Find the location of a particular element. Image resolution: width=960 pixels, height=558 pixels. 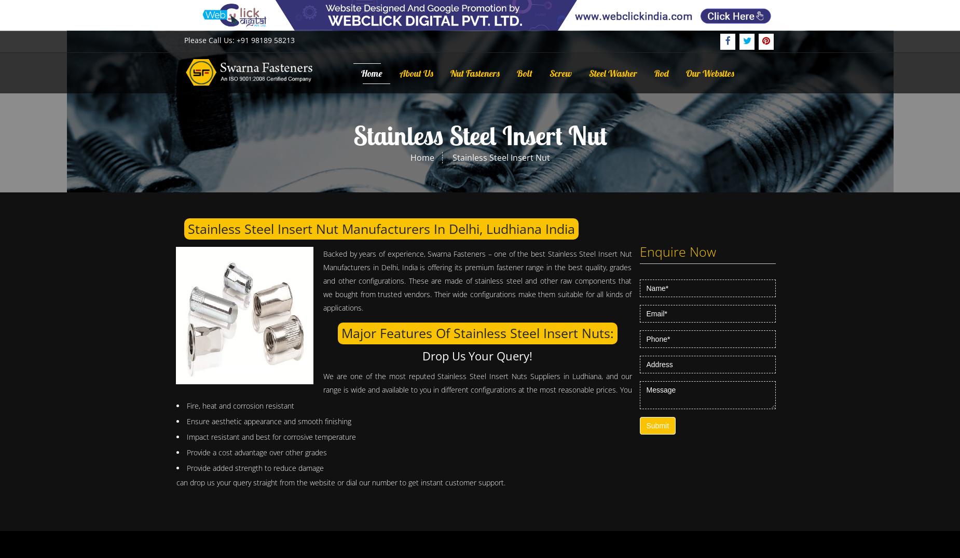

'Backed by years of experience, Swarna Fasteners – one of the best Stainless Steel Insert Nut Manufacturers in Delhi, India is offering its premium fastener range in the best quality, grades and other configurations. These are made of stainless steel and other raw components that we bought from trusted vendors. Their wide configurations make them suitable for all kinds of applications.' is located at coordinates (323, 280).